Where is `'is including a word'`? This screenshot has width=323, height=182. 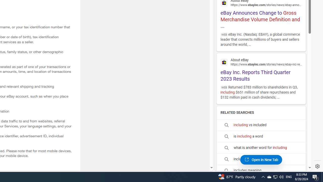 'is including a word' is located at coordinates (261, 136).